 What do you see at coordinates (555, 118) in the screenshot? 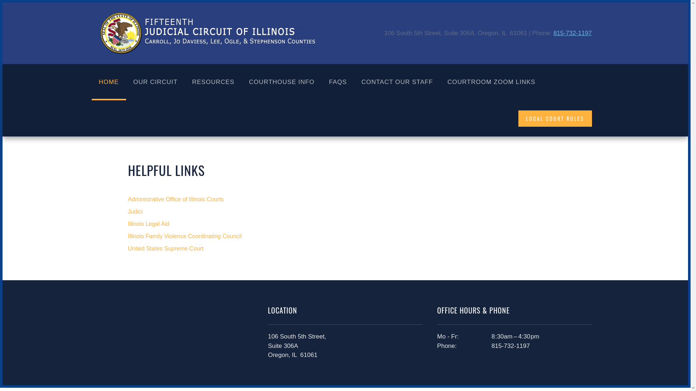
I see `'LOCAL COURT RULES'` at bounding box center [555, 118].